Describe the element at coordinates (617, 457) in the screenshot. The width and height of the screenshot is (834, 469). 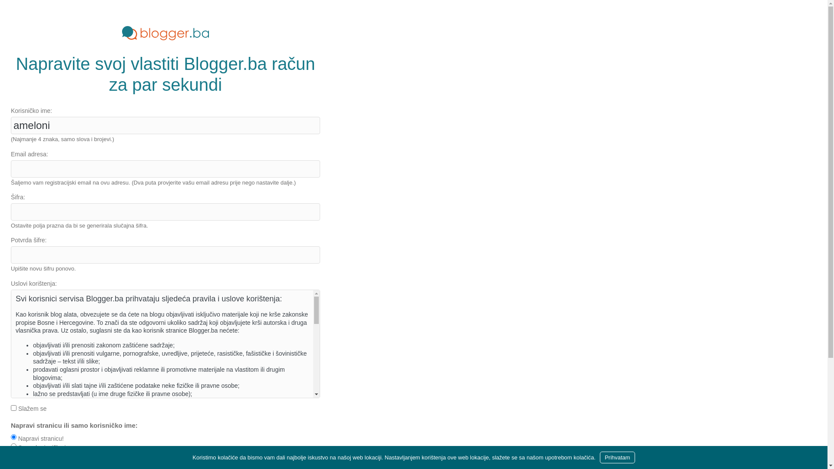
I see `'Prihvatam'` at that location.